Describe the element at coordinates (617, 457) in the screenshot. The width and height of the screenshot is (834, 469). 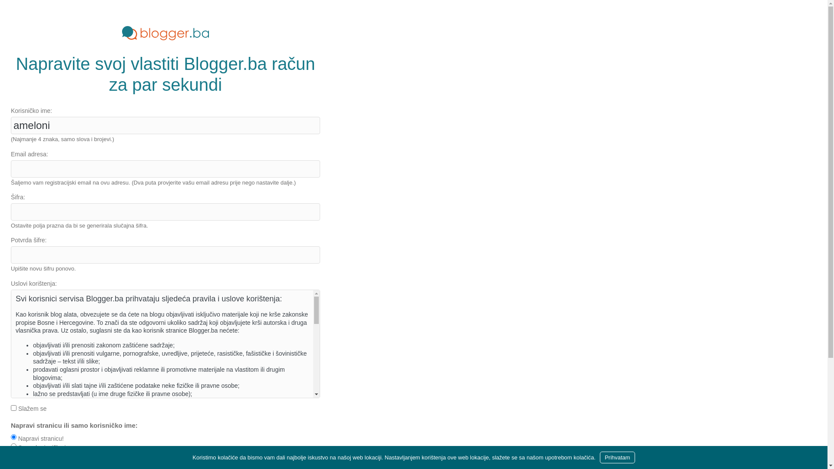
I see `'Prihvatam'` at that location.